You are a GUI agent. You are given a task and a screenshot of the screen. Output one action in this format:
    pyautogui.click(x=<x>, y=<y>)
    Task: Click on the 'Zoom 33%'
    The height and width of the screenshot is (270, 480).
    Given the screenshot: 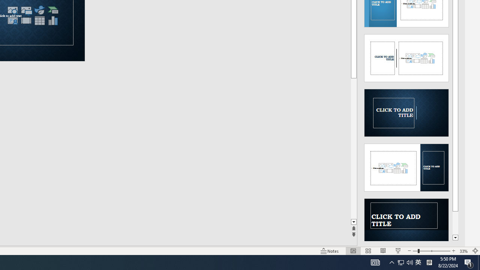 What is the action you would take?
    pyautogui.click(x=463, y=251)
    